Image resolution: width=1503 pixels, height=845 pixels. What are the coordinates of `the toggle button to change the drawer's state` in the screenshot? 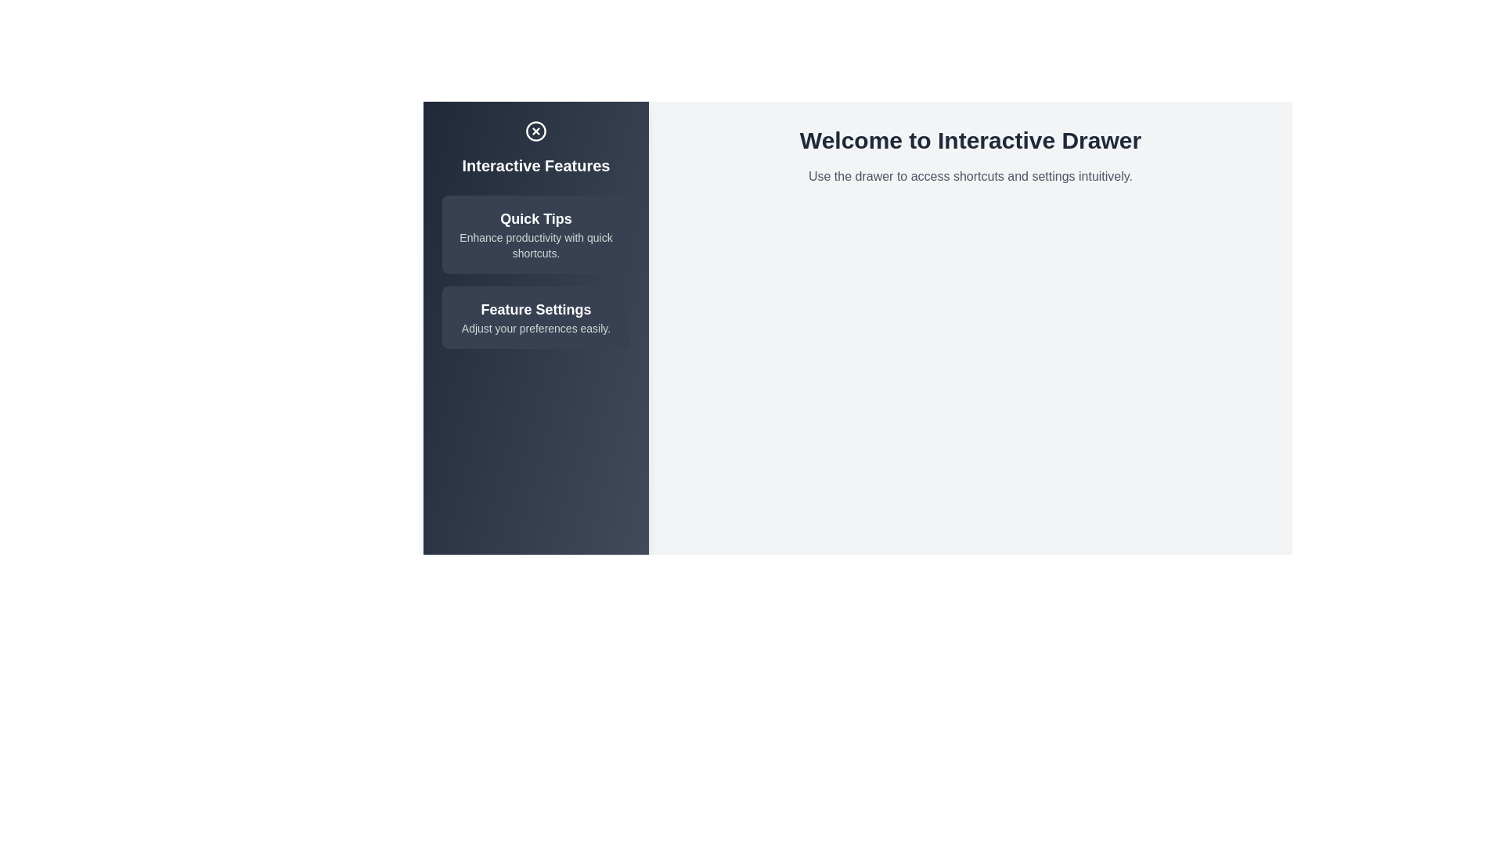 It's located at (536, 131).